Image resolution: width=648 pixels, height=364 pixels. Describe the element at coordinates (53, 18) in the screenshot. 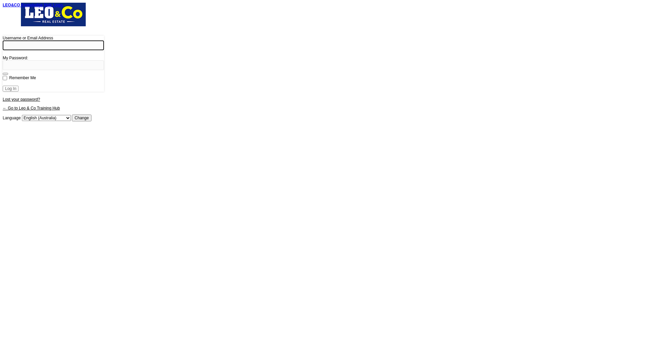

I see `'LEO&CO Knowledge Hub Logo'` at that location.